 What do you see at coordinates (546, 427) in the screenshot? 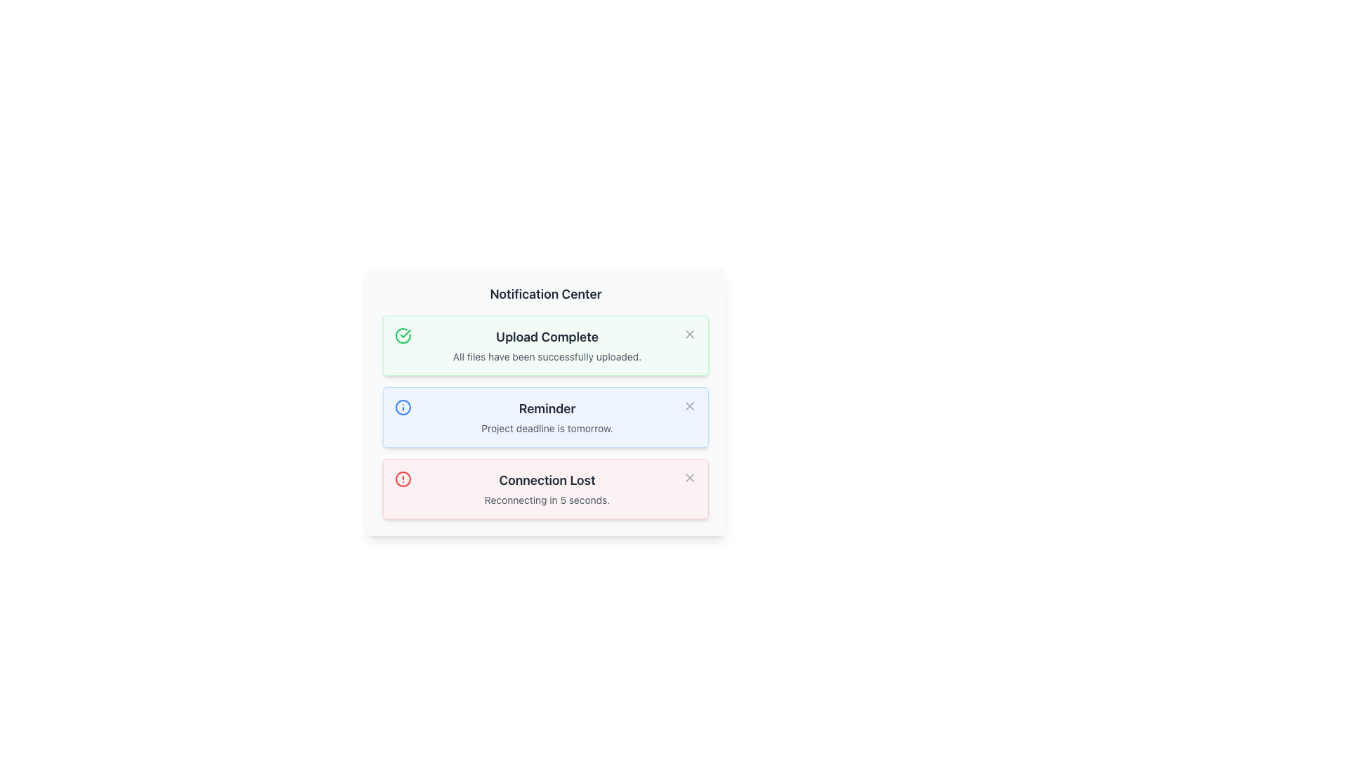
I see `the text label displaying 'Project deadline is tomorrow.' located in the second notification card under the heading 'Reminder'` at bounding box center [546, 427].